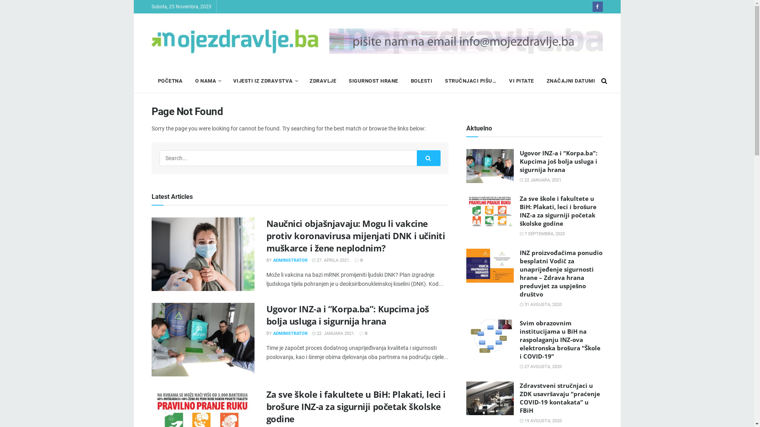  What do you see at coordinates (519, 420) in the screenshot?
I see `'19 AVGUSTA, 2020'` at bounding box center [519, 420].